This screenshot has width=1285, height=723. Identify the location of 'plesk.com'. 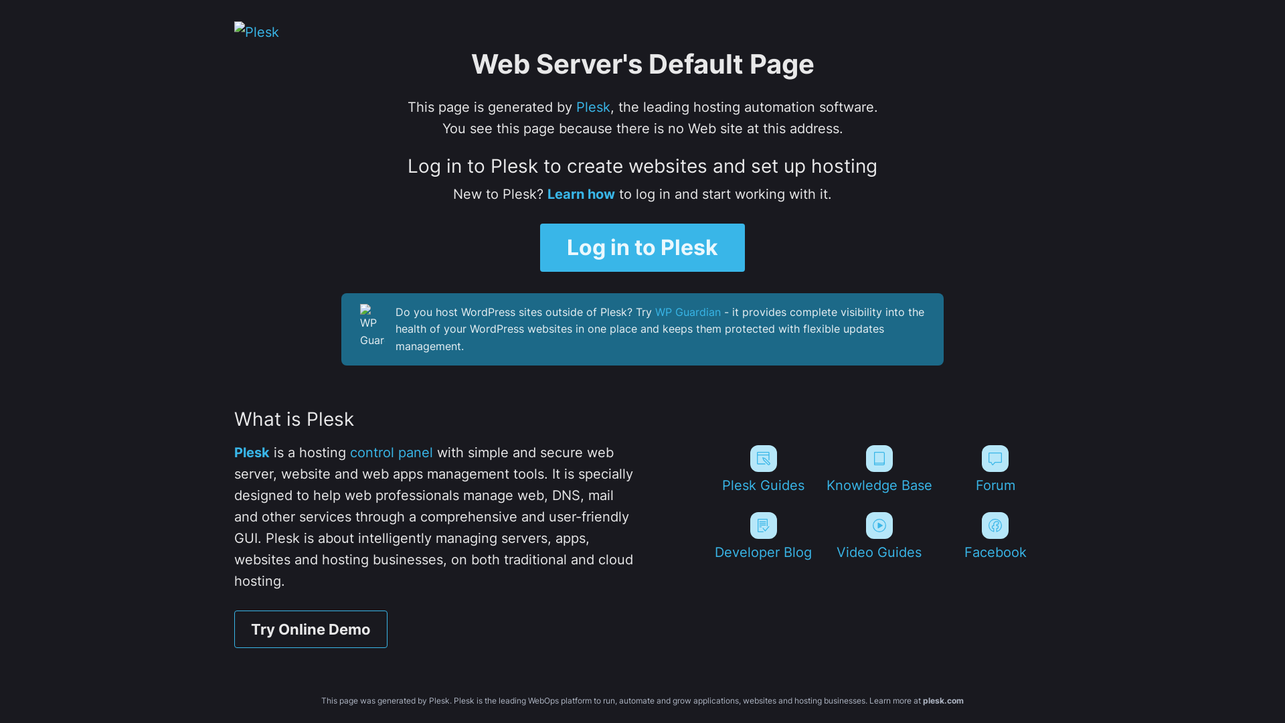
(942, 700).